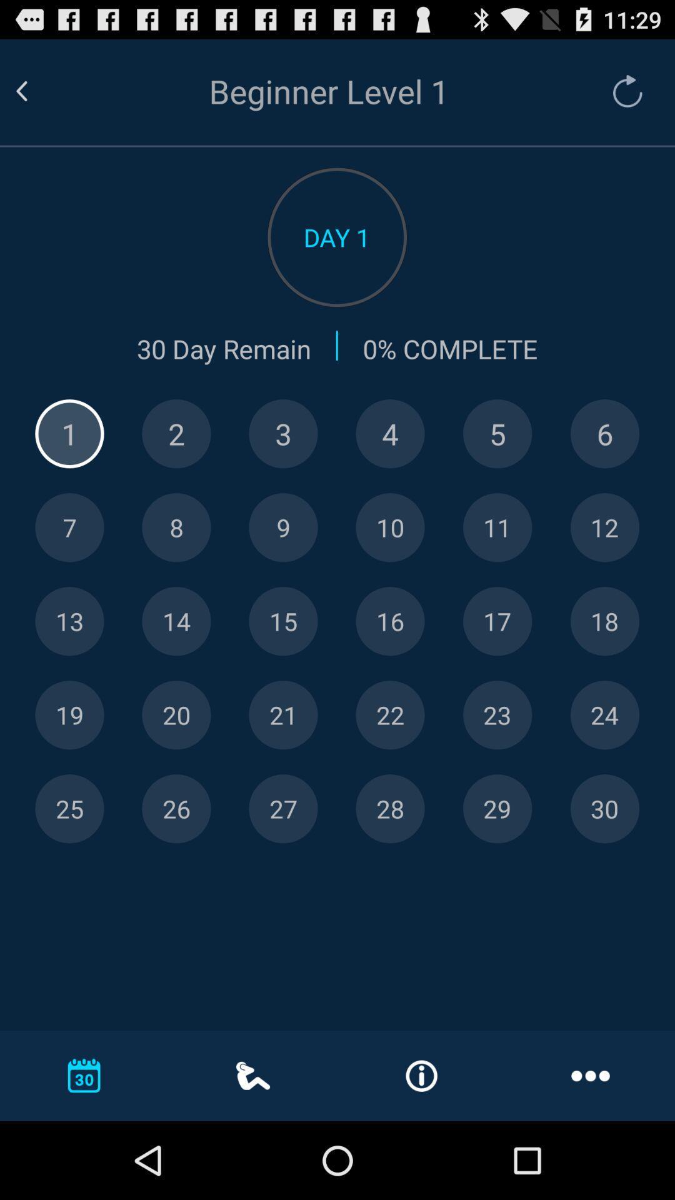 The image size is (675, 1200). Describe the element at coordinates (283, 621) in the screenshot. I see `15` at that location.